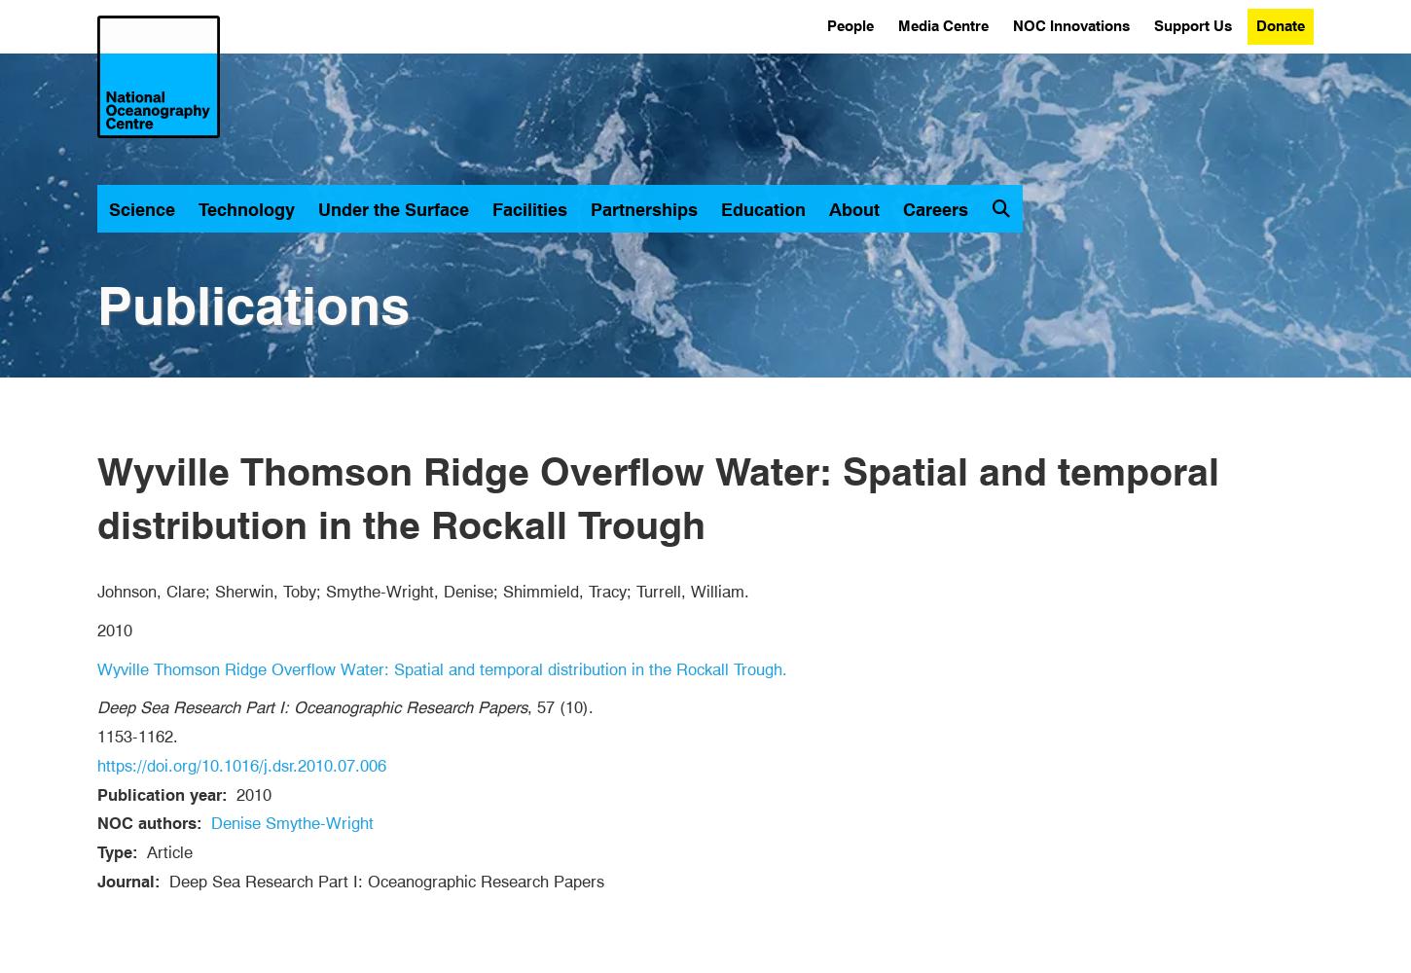 The height and width of the screenshot is (973, 1411). I want to click on 'Denise Smythe-Wright', so click(292, 822).